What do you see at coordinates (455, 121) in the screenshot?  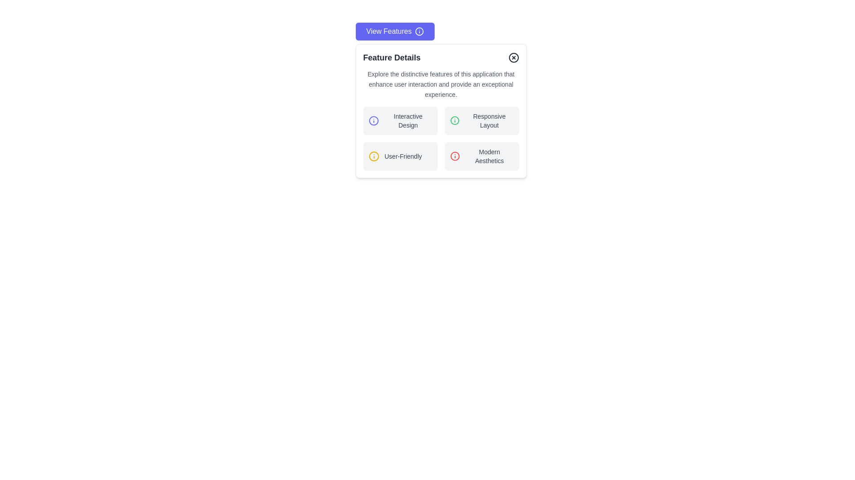 I see `the green circular 'info' icon with a white background, which is the first icon in the 'Responsive Layout' list item` at bounding box center [455, 121].